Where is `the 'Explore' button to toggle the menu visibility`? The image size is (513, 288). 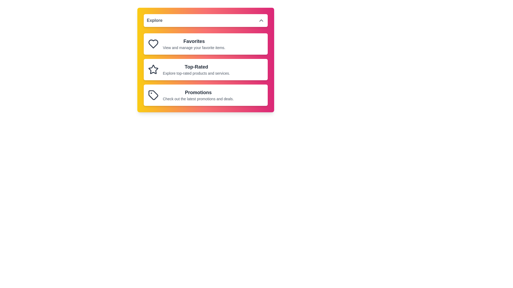 the 'Explore' button to toggle the menu visibility is located at coordinates (205, 20).